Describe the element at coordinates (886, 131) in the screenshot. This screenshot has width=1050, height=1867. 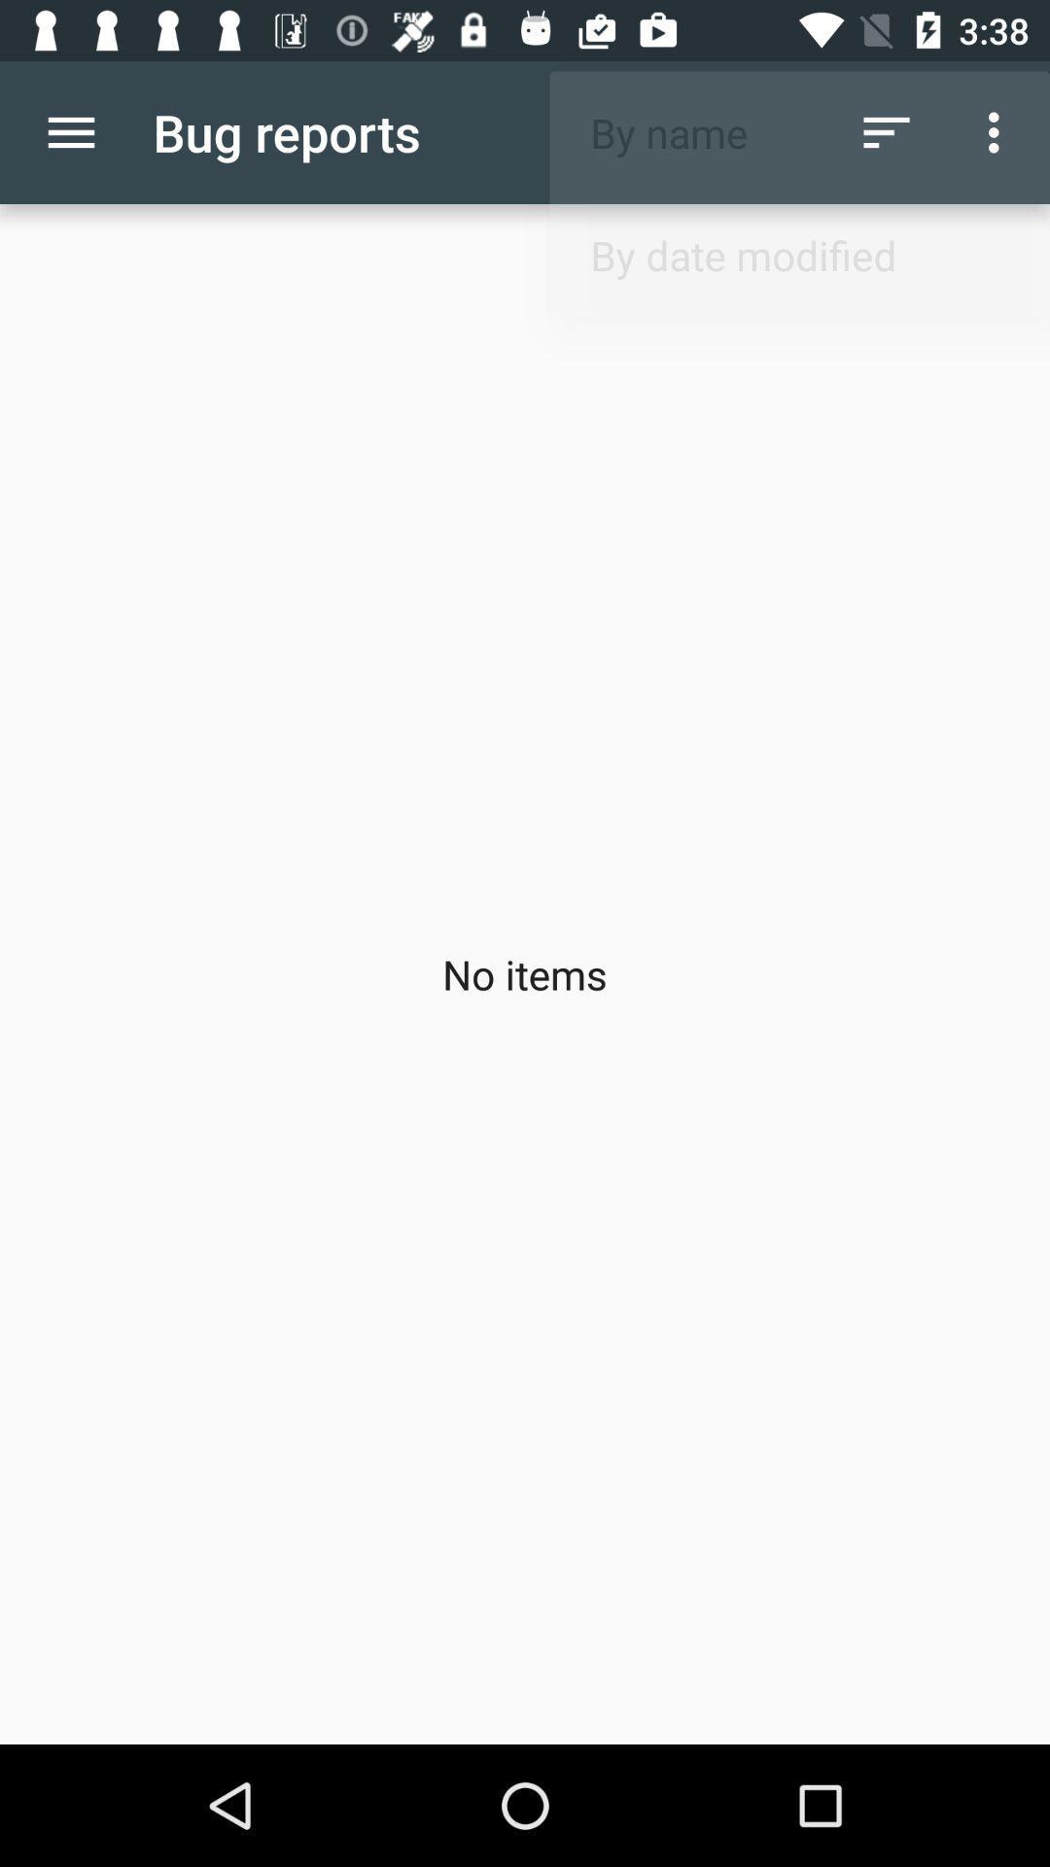
I see `app to the right of the bug reports` at that location.